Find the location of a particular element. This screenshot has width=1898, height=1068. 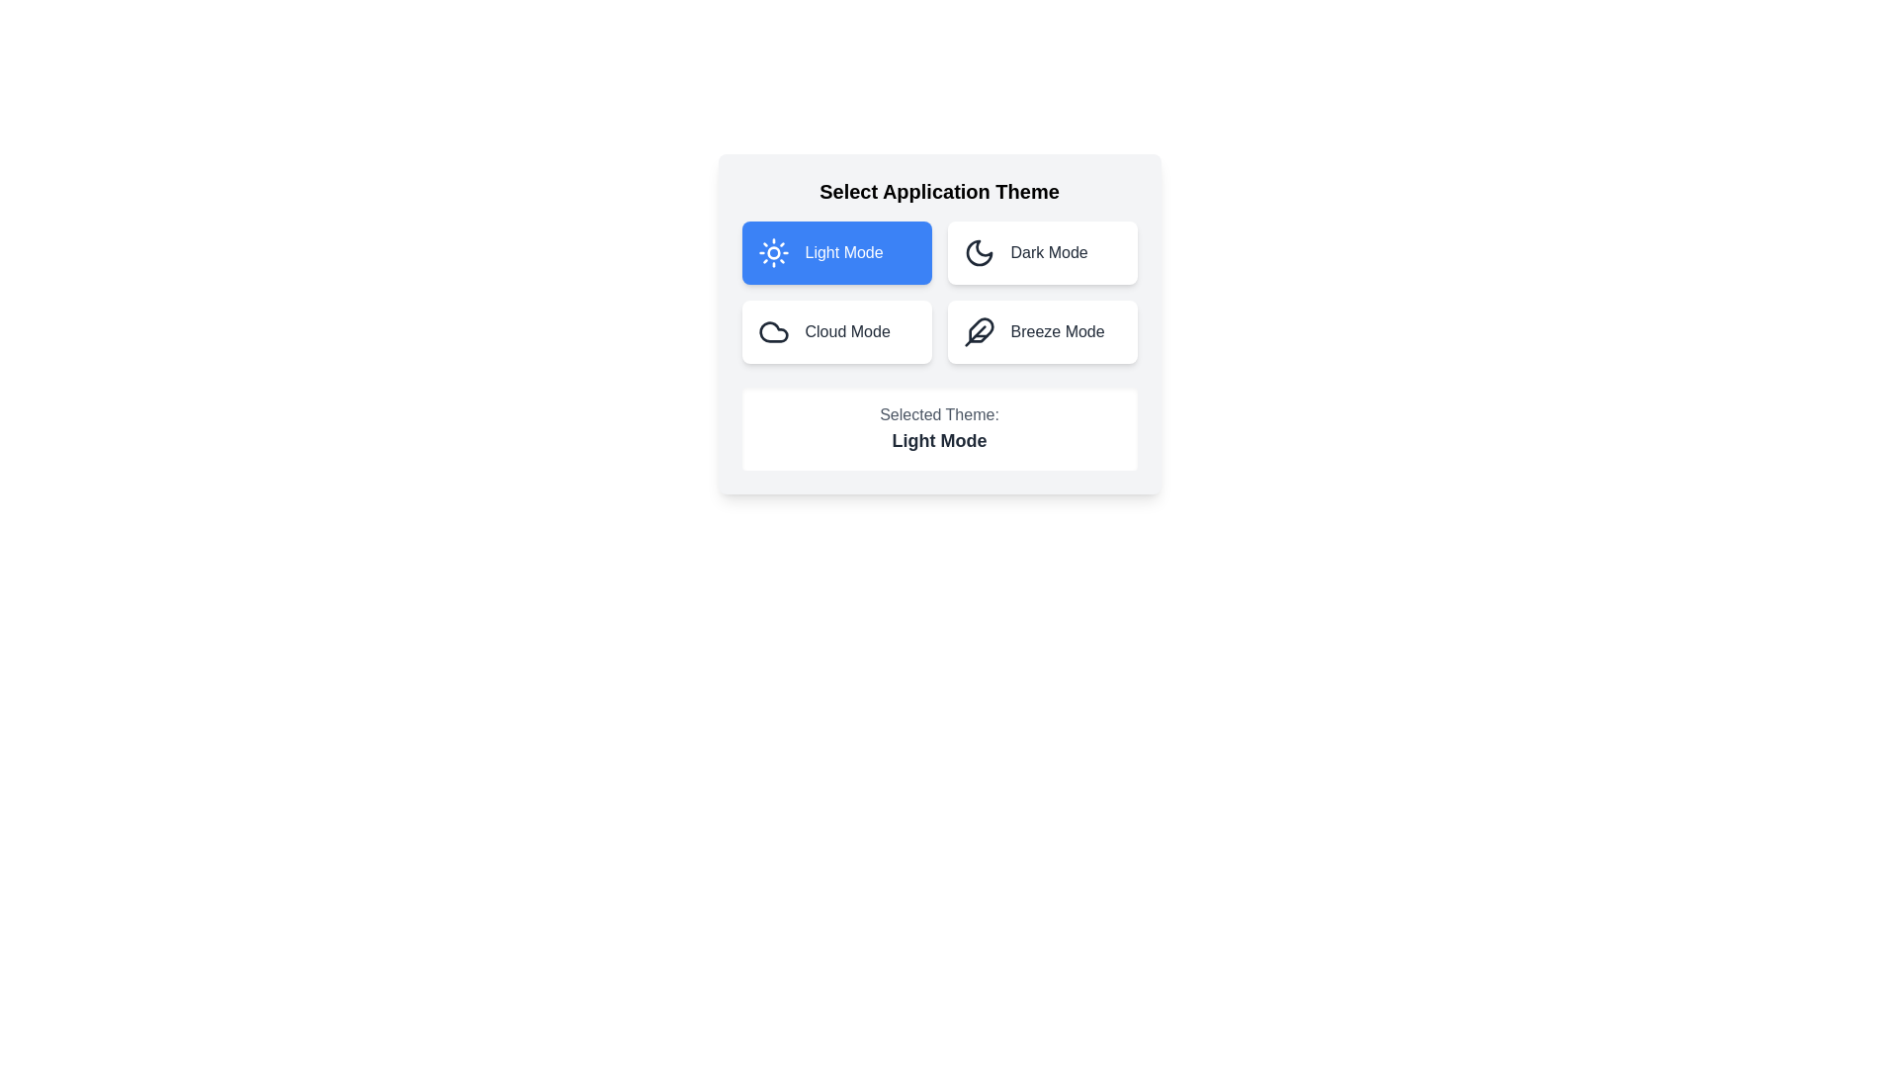

the theme by clicking on the button corresponding to Dark Mode is located at coordinates (1041, 251).